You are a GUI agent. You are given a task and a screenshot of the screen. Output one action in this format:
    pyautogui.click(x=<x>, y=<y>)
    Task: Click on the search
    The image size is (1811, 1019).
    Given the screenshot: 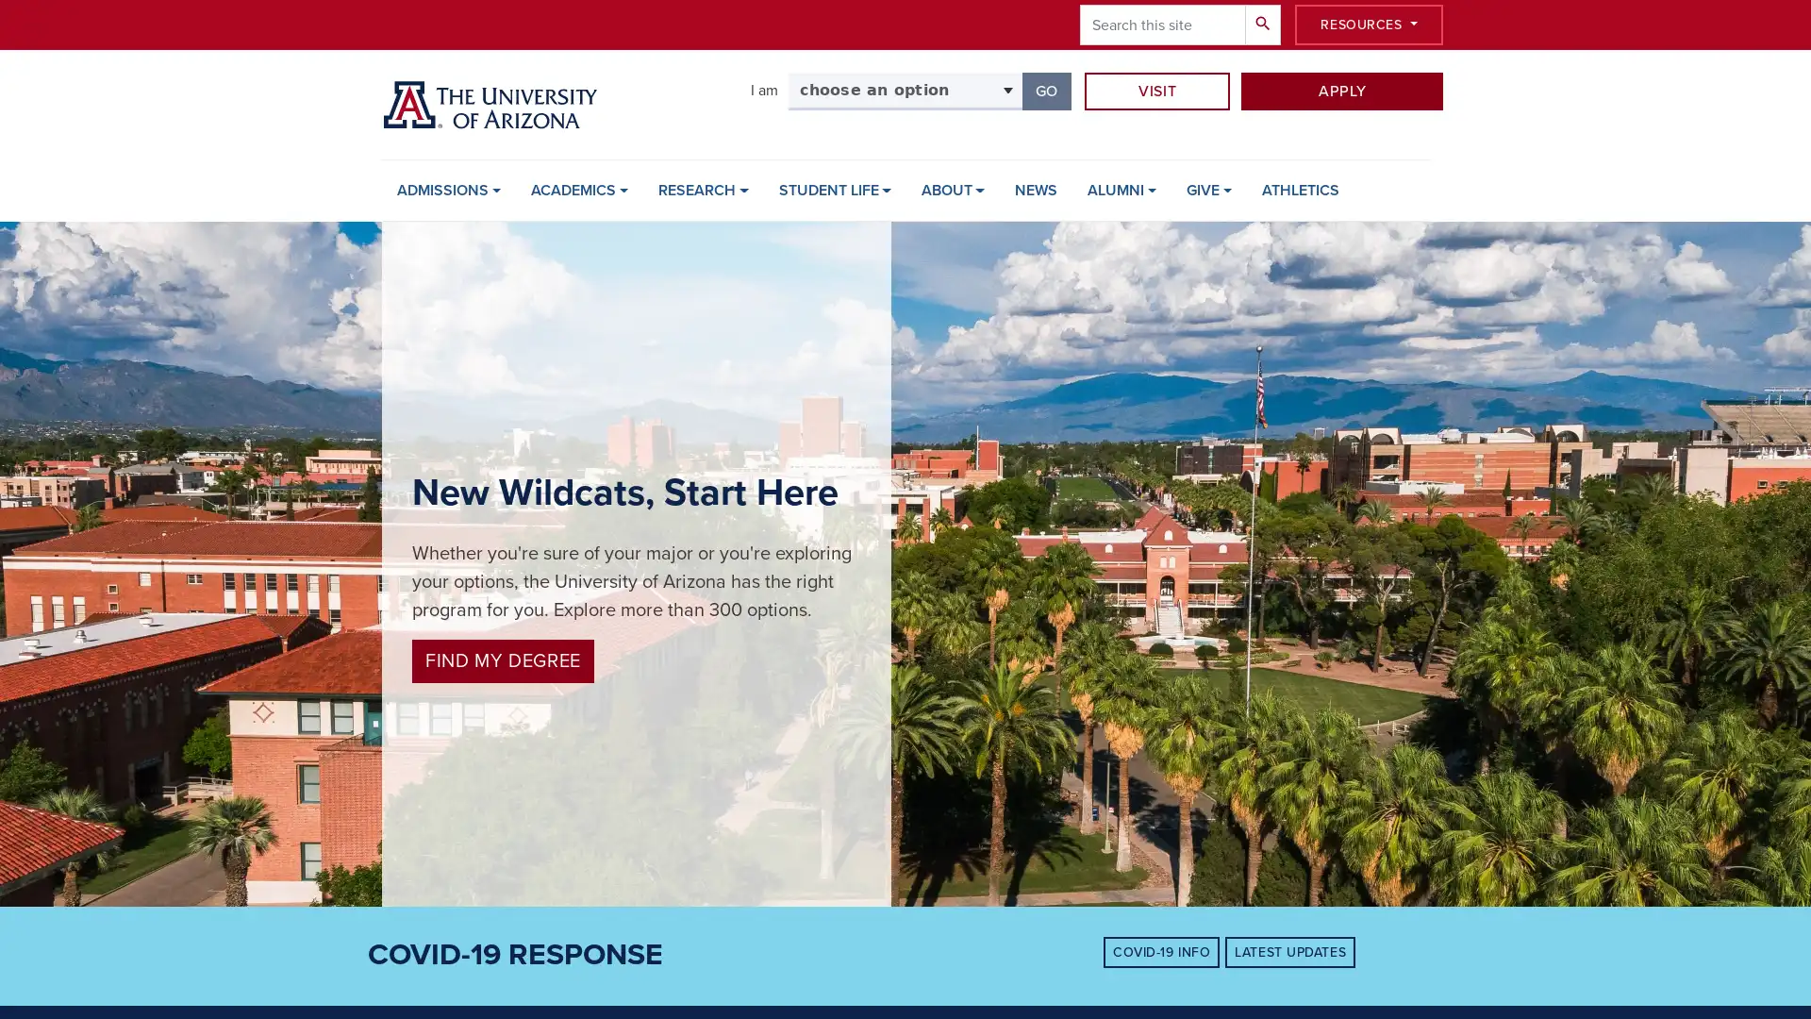 What is the action you would take?
    pyautogui.click(x=1263, y=25)
    